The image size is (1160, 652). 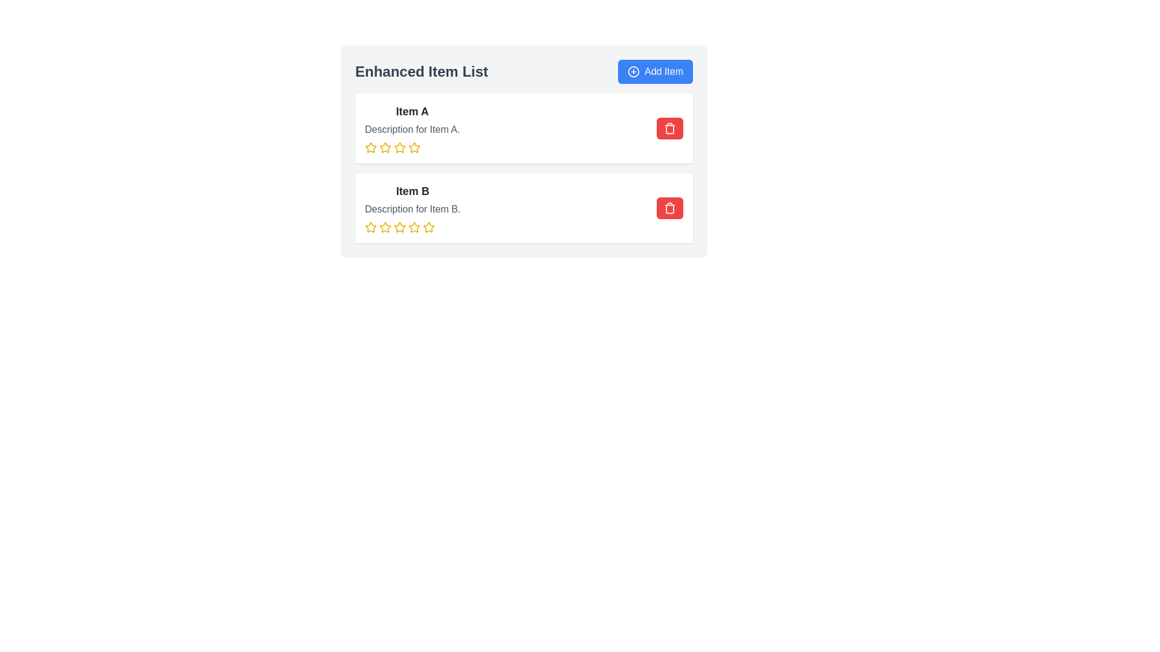 What do you see at coordinates (385, 228) in the screenshot?
I see `the second star in the rating control for 'Item B', which allows the user to set a rating of 2 out of 5` at bounding box center [385, 228].